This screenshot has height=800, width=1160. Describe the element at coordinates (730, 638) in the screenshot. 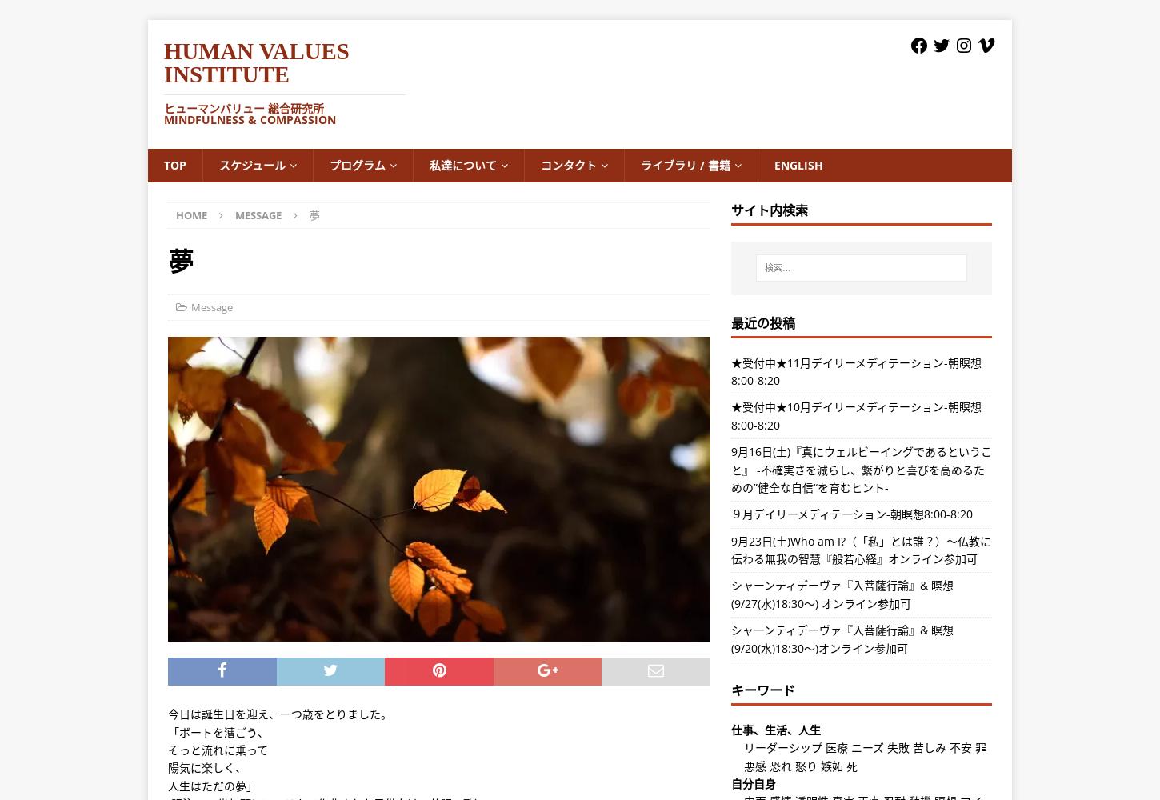

I see `'シャーンティデーヴァ『入菩薩行論』& 瞑想(9/20(水)18:30〜)オンライン参加可'` at that location.